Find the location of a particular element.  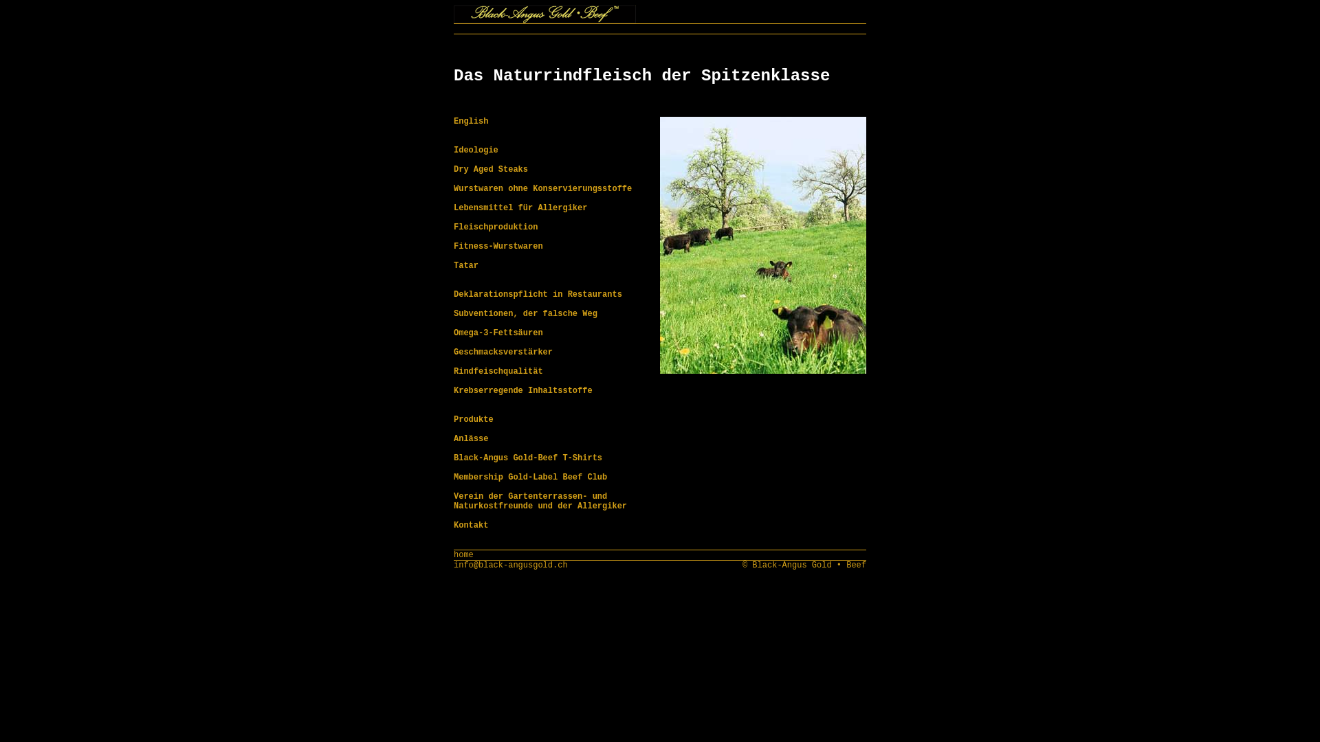

'Kontakt' is located at coordinates (471, 525).